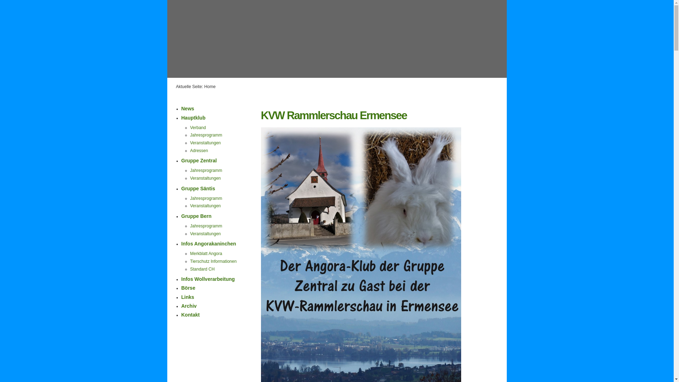  Describe the element at coordinates (205, 178) in the screenshot. I see `'Veranstaltungen'` at that location.